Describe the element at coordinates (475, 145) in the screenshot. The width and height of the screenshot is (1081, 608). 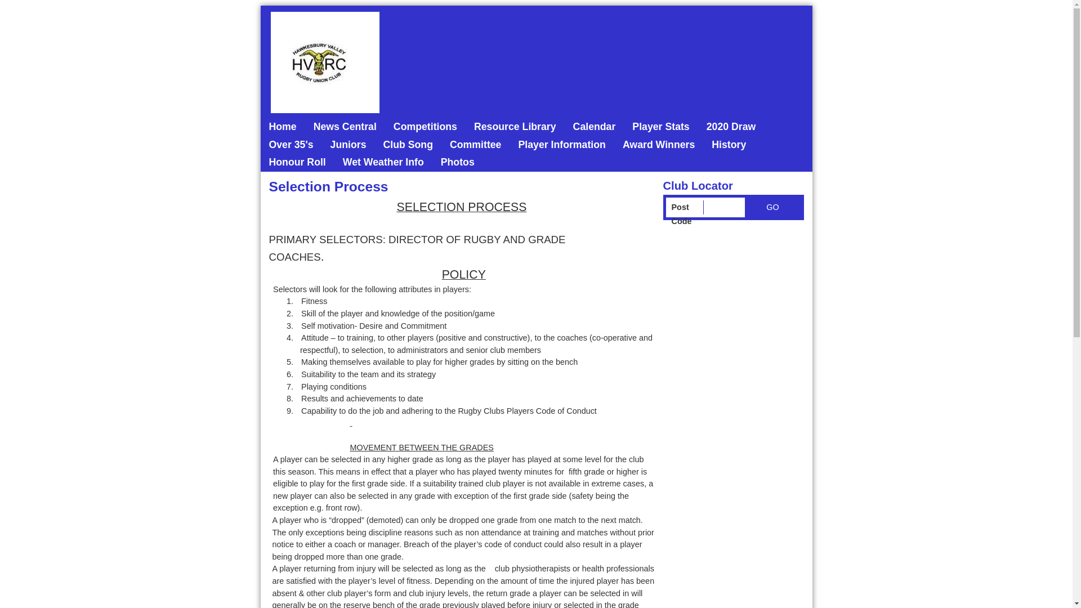
I see `'Committee'` at that location.